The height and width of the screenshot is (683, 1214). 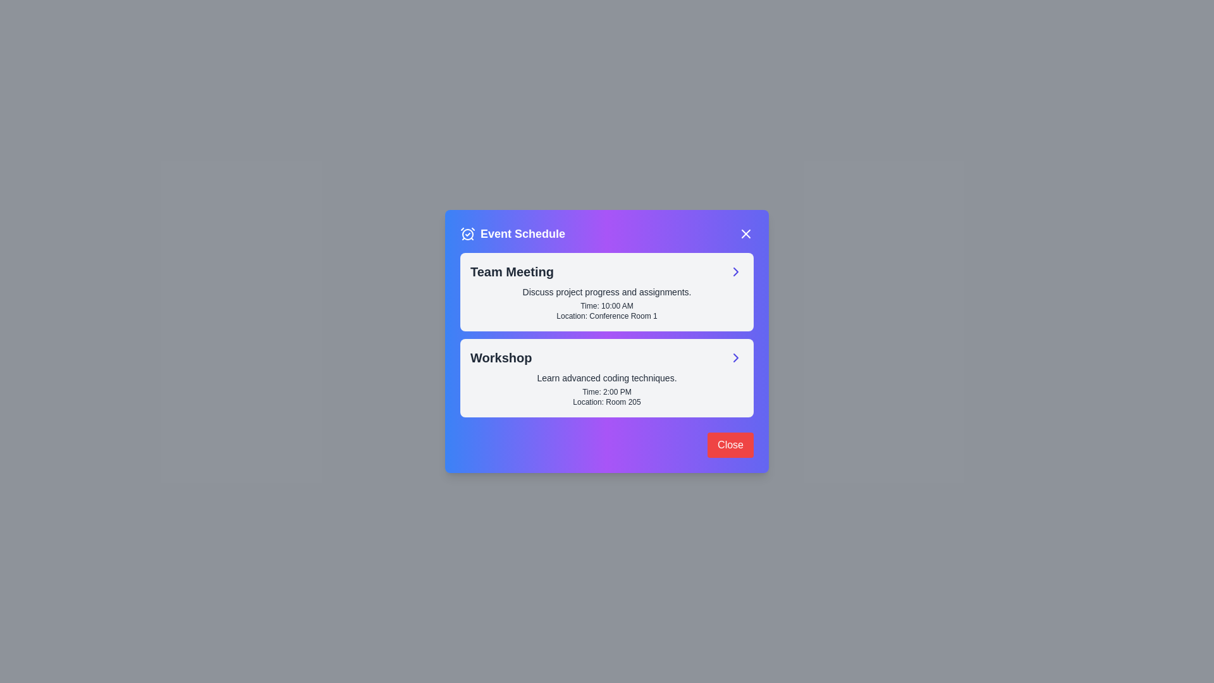 What do you see at coordinates (735, 271) in the screenshot?
I see `the event Team Meeting by clicking on its corresponding area` at bounding box center [735, 271].